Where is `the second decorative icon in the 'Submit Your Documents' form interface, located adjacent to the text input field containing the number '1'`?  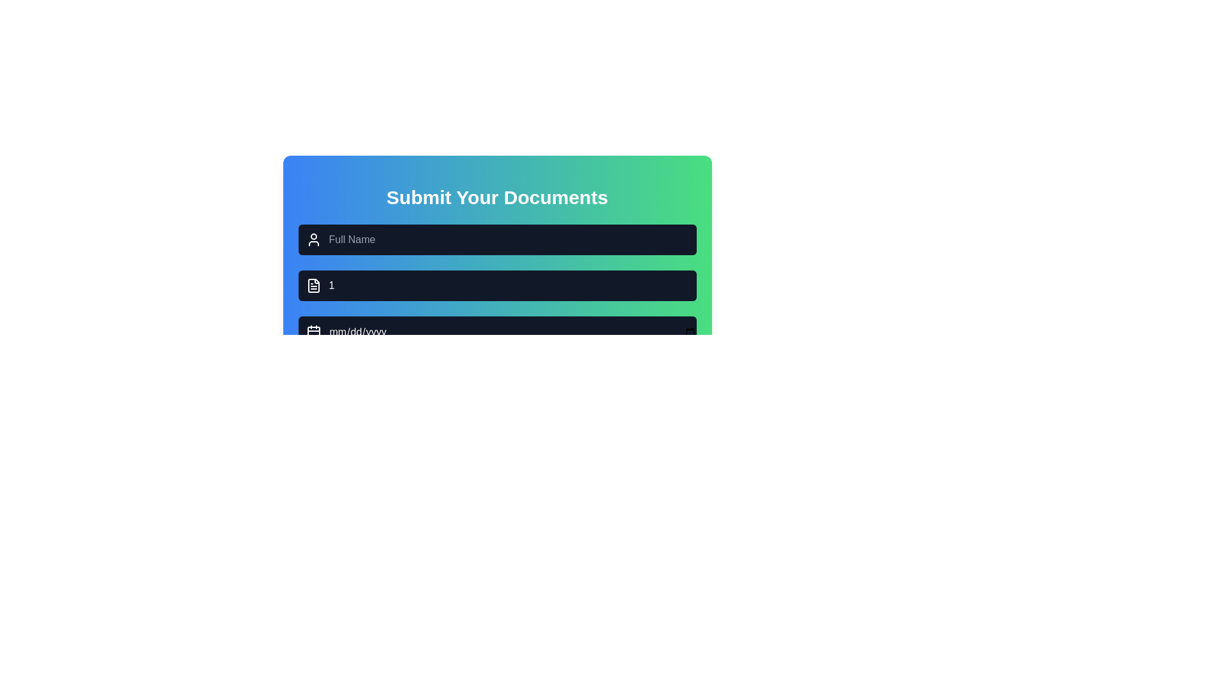 the second decorative icon in the 'Submit Your Documents' form interface, located adjacent to the text input field containing the number '1' is located at coordinates (313, 285).